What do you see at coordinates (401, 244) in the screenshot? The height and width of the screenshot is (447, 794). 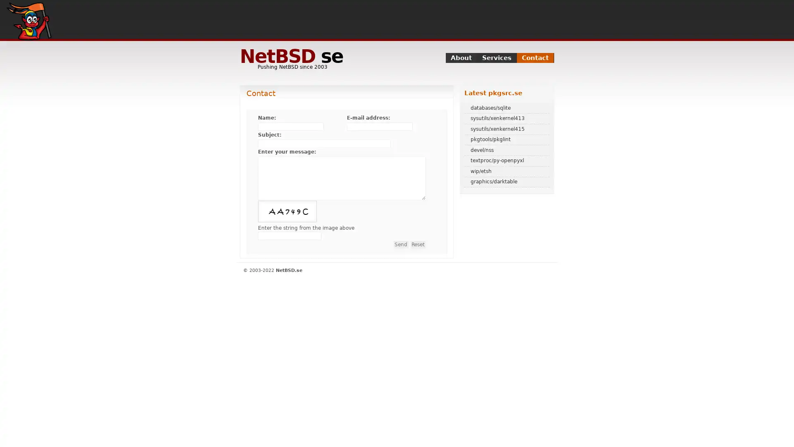 I see `Send` at bounding box center [401, 244].